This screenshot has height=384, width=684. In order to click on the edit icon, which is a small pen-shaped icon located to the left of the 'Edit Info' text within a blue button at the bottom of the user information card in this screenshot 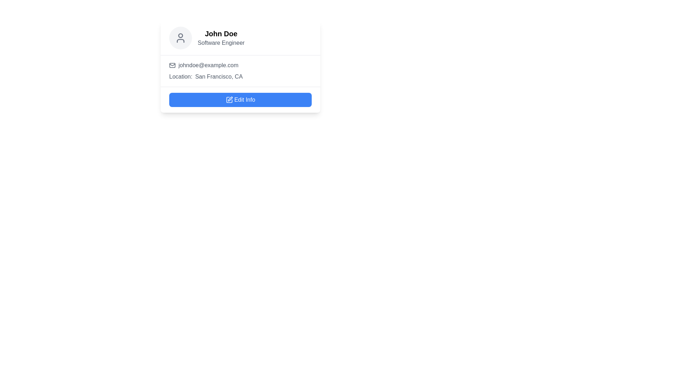, I will do `click(230, 99)`.